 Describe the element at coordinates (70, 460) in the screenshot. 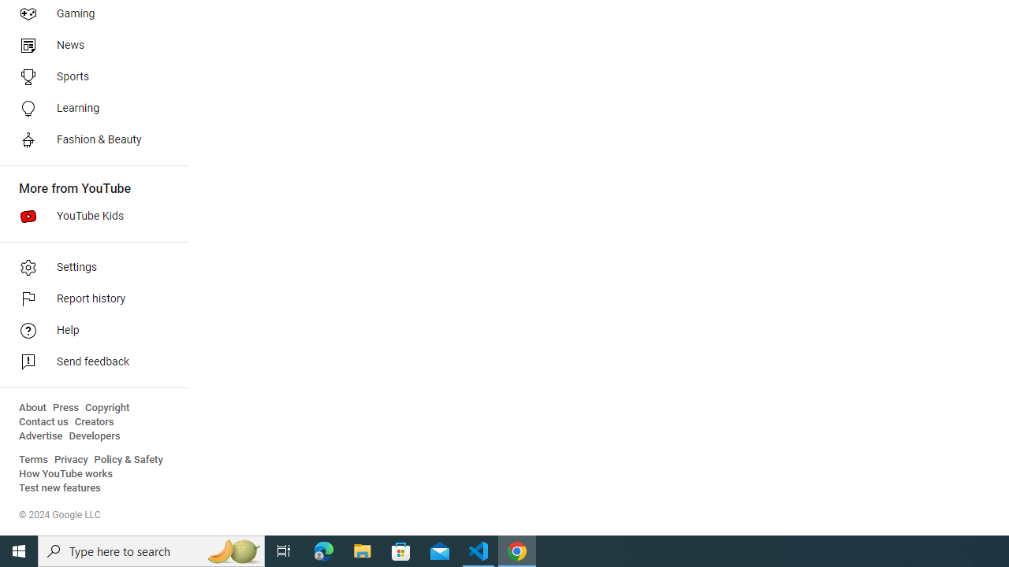

I see `'Privacy'` at that location.